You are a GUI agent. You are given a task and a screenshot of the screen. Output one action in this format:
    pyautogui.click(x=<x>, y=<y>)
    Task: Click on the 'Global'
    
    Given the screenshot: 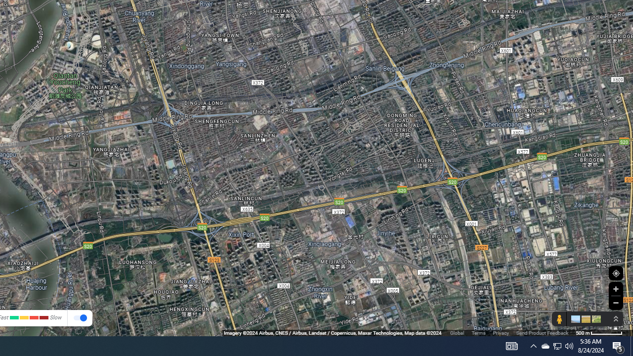 What is the action you would take?
    pyautogui.click(x=456, y=333)
    